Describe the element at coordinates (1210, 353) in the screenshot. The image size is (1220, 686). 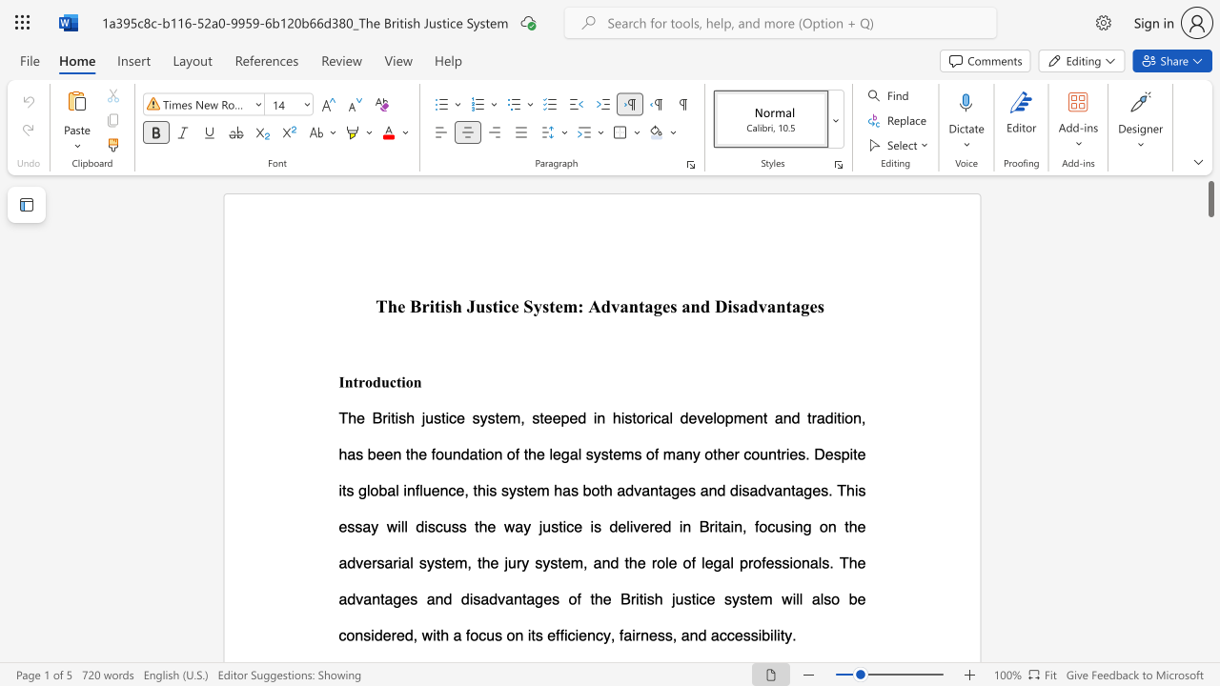
I see `the scrollbar on the right to move the page downward` at that location.